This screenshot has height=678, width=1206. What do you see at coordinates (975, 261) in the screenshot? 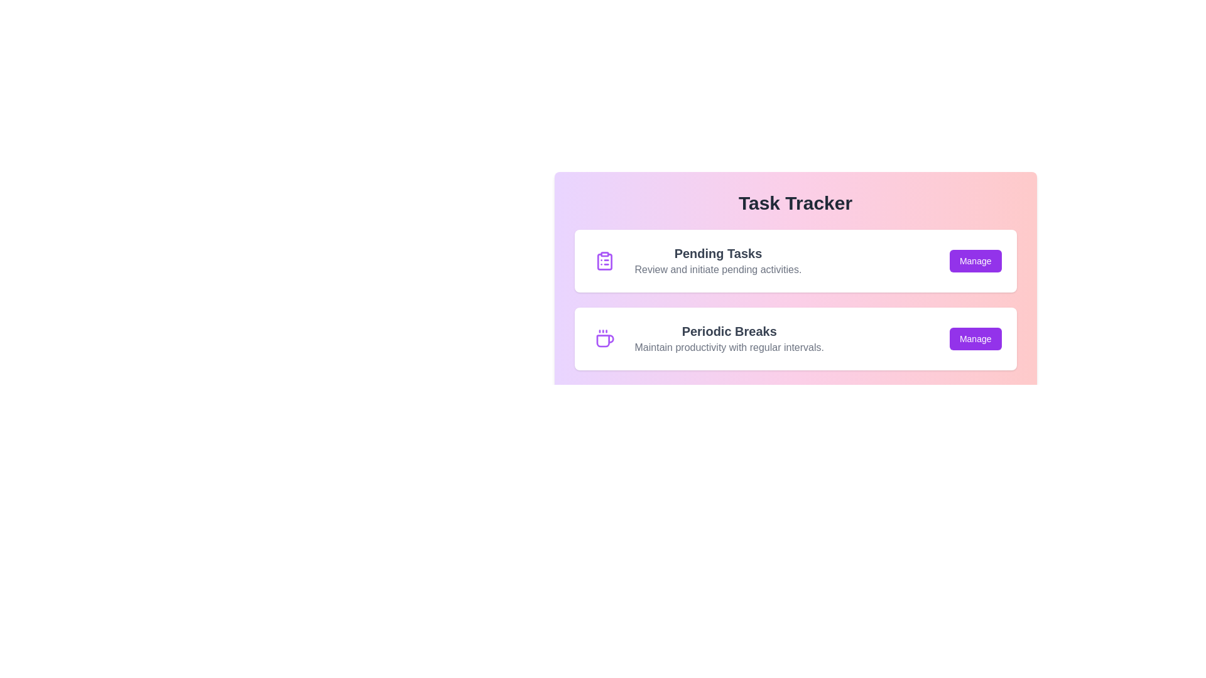
I see `'Manage' button for the task 'Pending Tasks'` at bounding box center [975, 261].